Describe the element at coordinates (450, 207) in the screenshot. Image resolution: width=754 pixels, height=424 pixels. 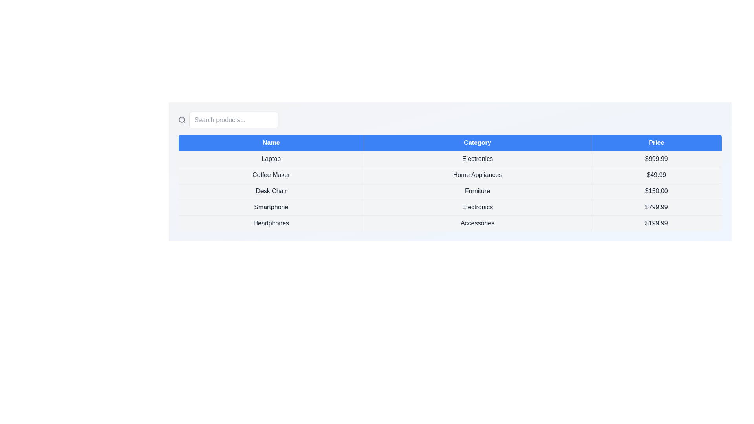
I see `the table row displaying the product 'Smartphone' with category 'Electronics' and price '$799.99', which is located as the fourth row in the table` at that location.